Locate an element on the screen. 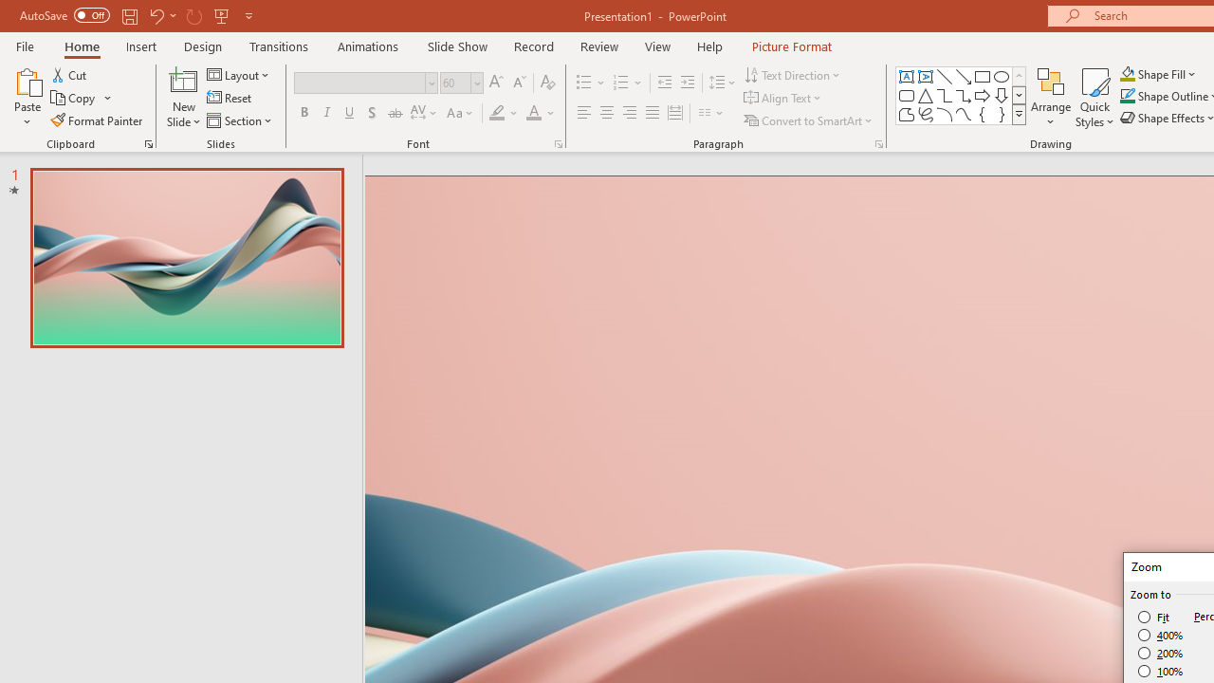 The image size is (1214, 683). 'Line Arrow' is located at coordinates (964, 76).